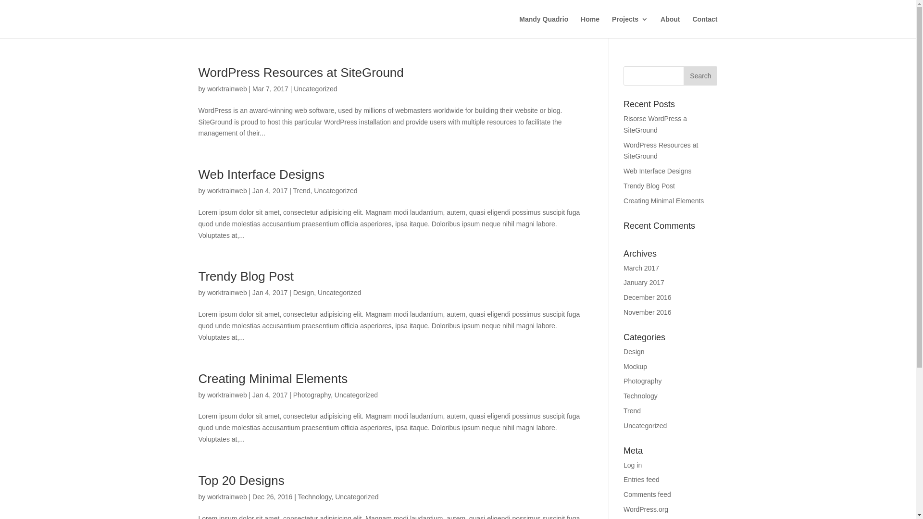 This screenshot has width=923, height=519. Describe the element at coordinates (623, 312) in the screenshot. I see `'November 2016'` at that location.